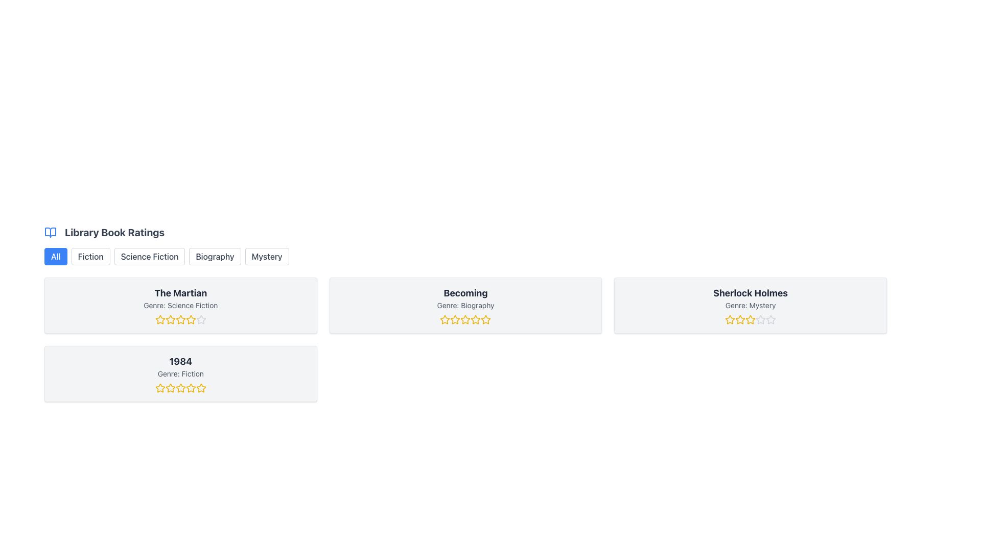 The height and width of the screenshot is (551, 981). What do you see at coordinates (267, 256) in the screenshot?
I see `the 'Mystery' button in the Library Book Ratings section to apply the Mystery filter` at bounding box center [267, 256].